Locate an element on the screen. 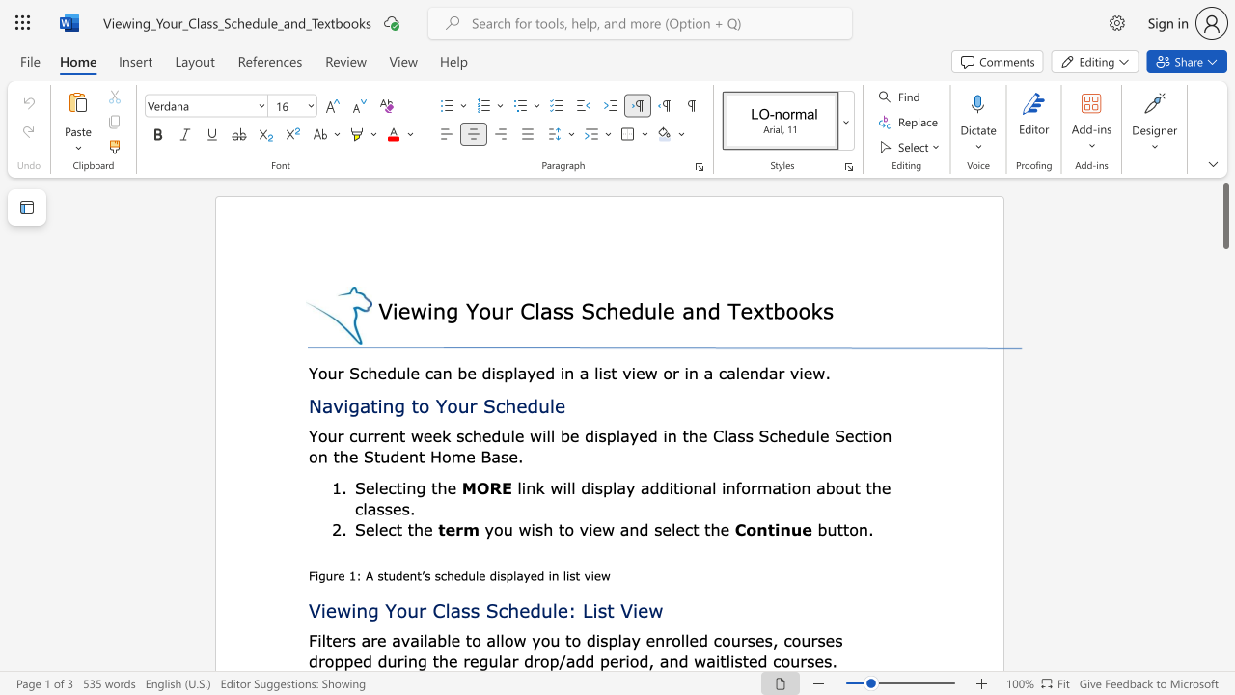  the scrollbar on the right to move the page downward is located at coordinates (1224, 317).